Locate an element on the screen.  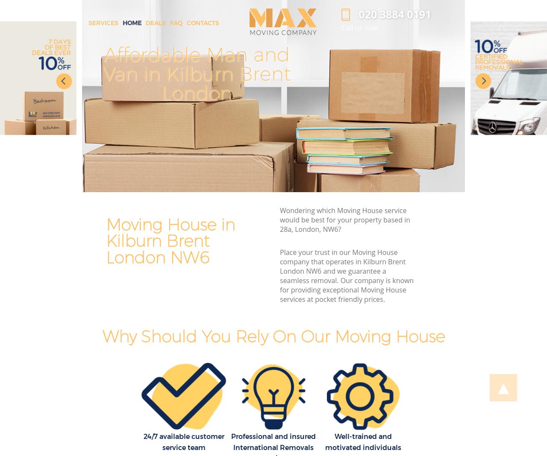
'Professional Removal Van Hire in Kilburn Brent London' is located at coordinates (426, 73).